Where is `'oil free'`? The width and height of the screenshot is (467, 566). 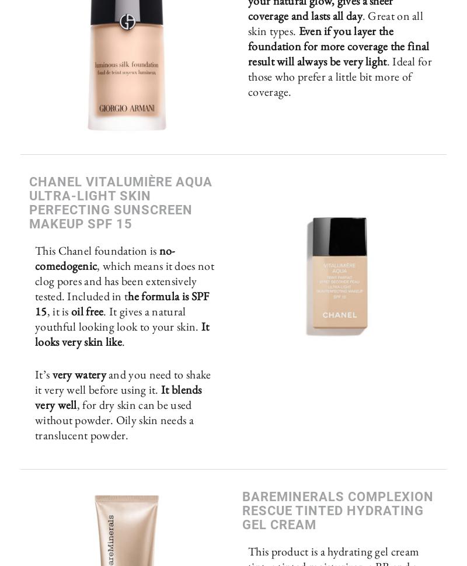 'oil free' is located at coordinates (87, 311).